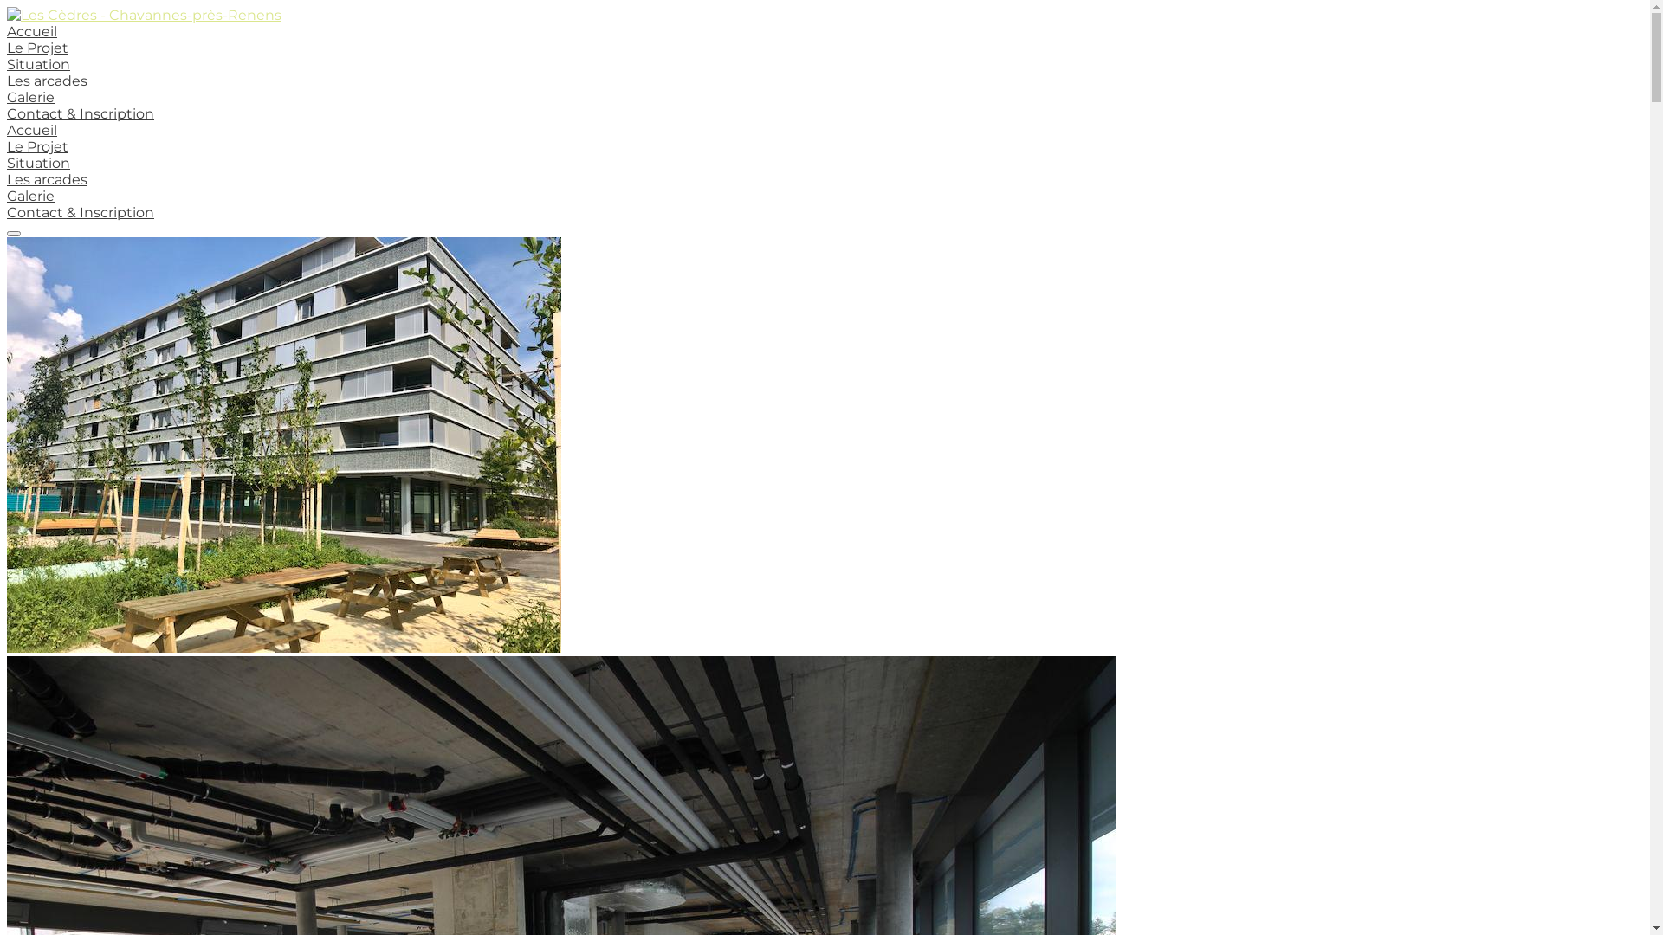  I want to click on 'Le Projet', so click(37, 145).